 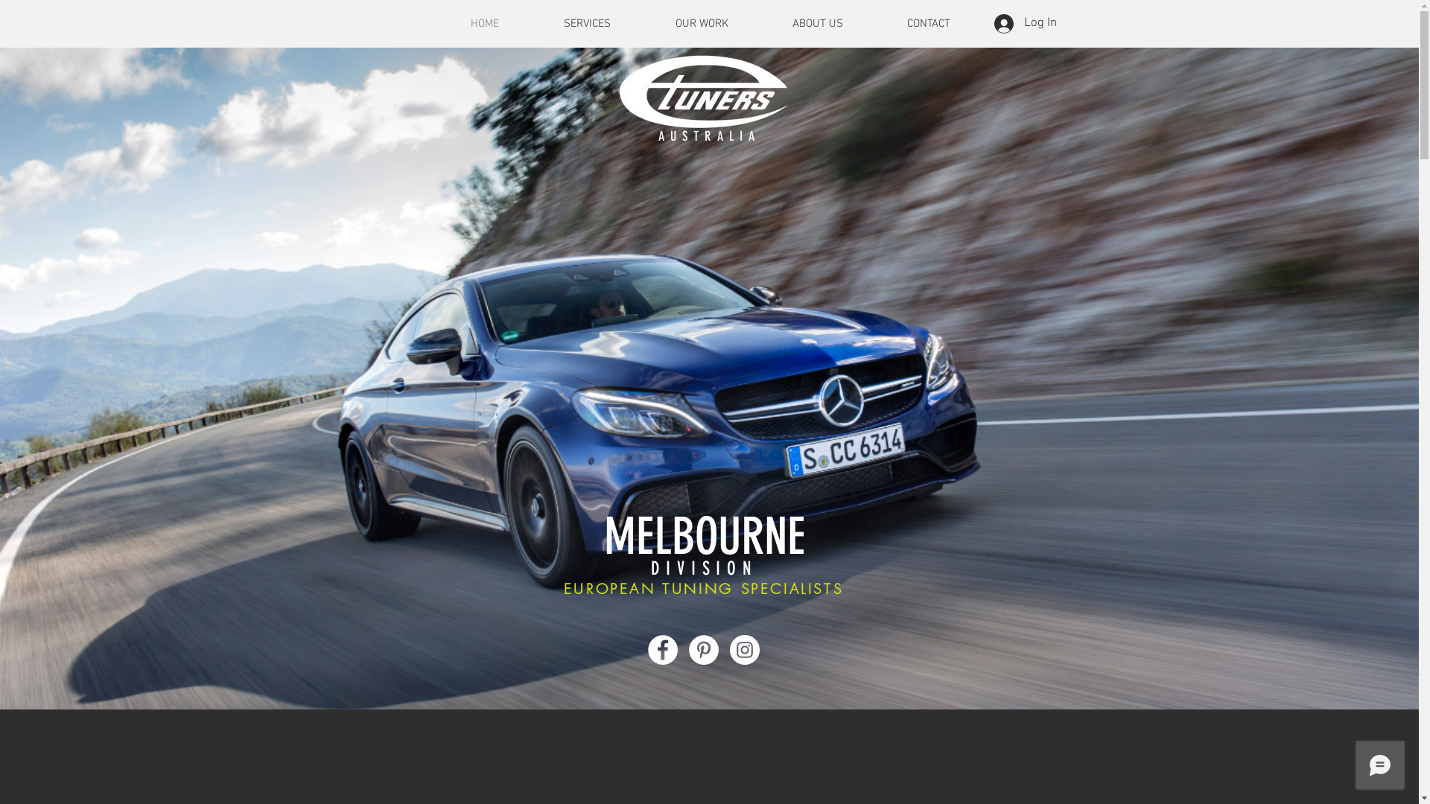 What do you see at coordinates (1024, 23) in the screenshot?
I see `'Log In'` at bounding box center [1024, 23].